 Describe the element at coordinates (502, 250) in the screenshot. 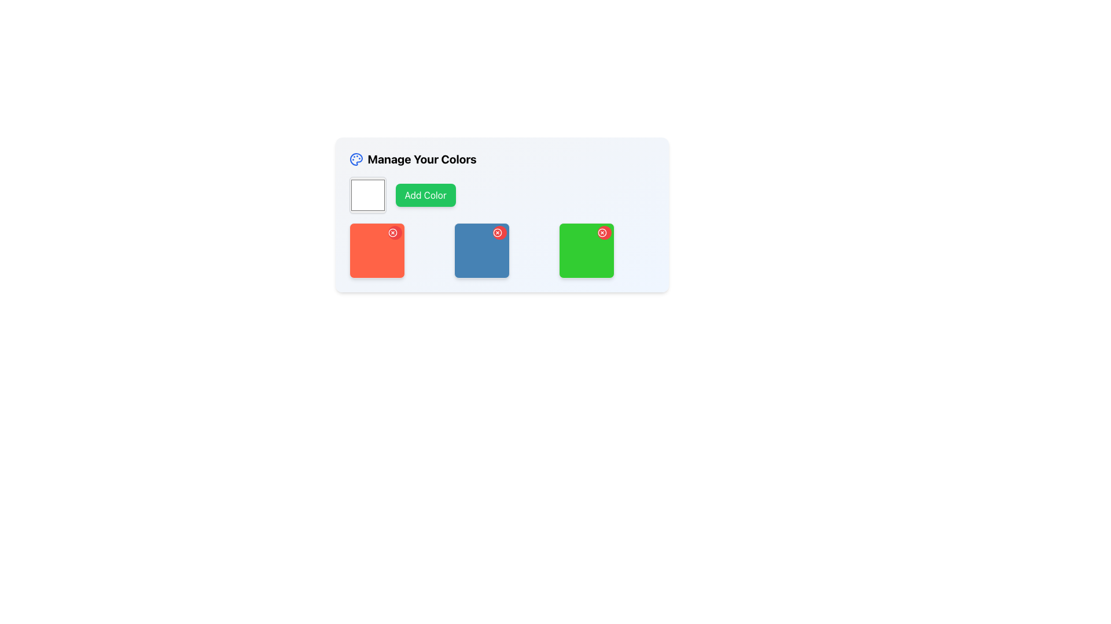

I see `the individual tiles within the Grid Layout located towards the bottom section of the interface, just below the 'Add Color' button` at that location.